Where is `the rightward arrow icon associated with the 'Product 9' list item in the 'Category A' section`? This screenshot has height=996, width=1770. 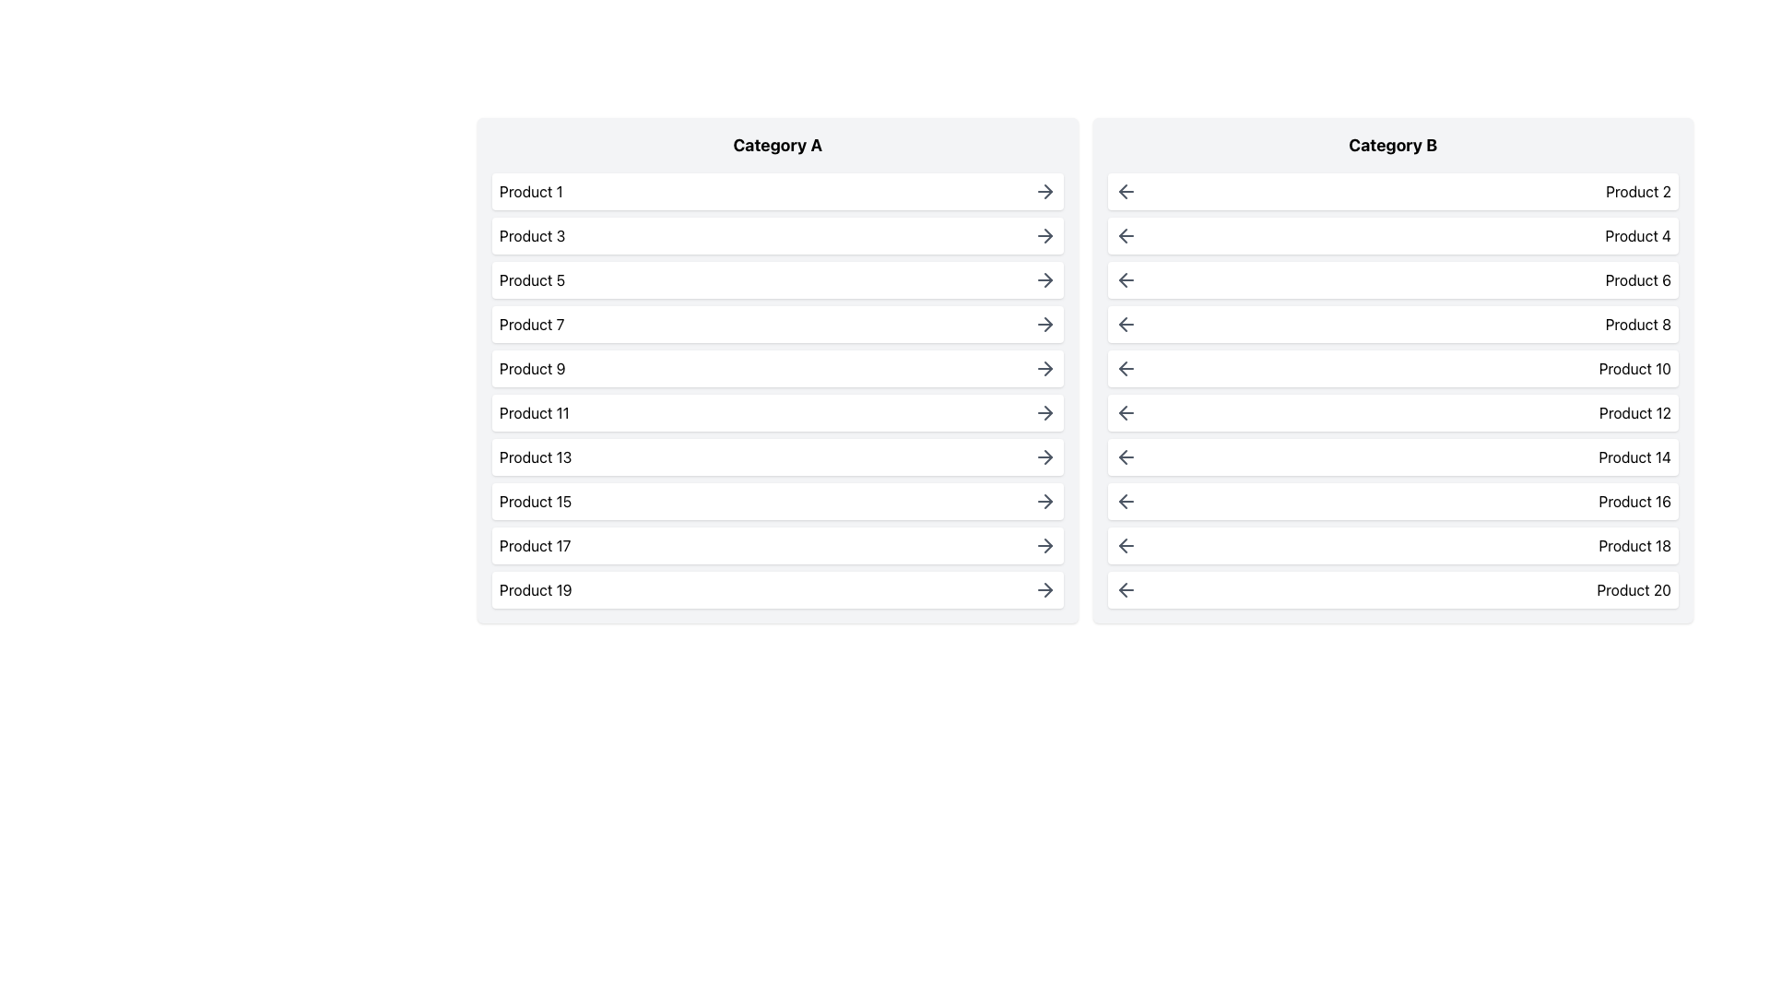
the rightward arrow icon associated with the 'Product 9' list item in the 'Category A' section is located at coordinates (1044, 369).